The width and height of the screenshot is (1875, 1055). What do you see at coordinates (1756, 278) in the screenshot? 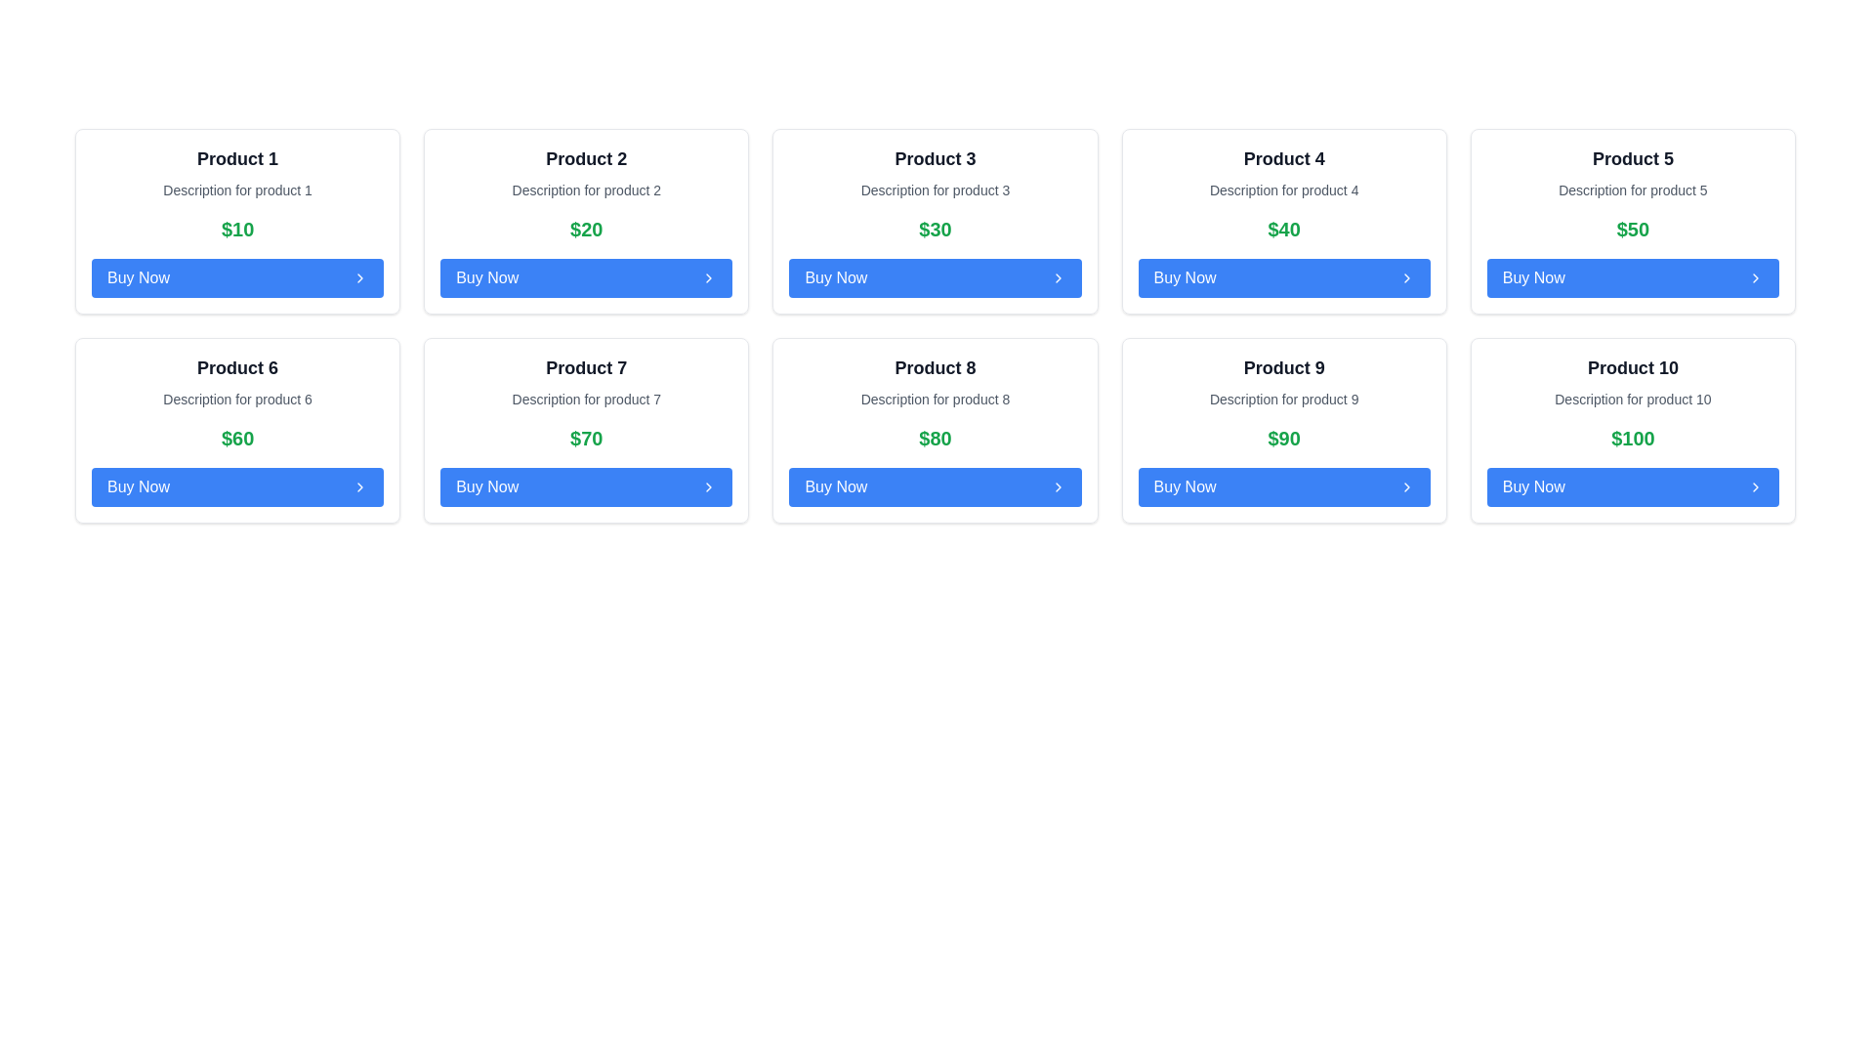
I see `the rightward-facing chevron icon located at the far-right end of the 'Buy Now' button for Product 5` at bounding box center [1756, 278].